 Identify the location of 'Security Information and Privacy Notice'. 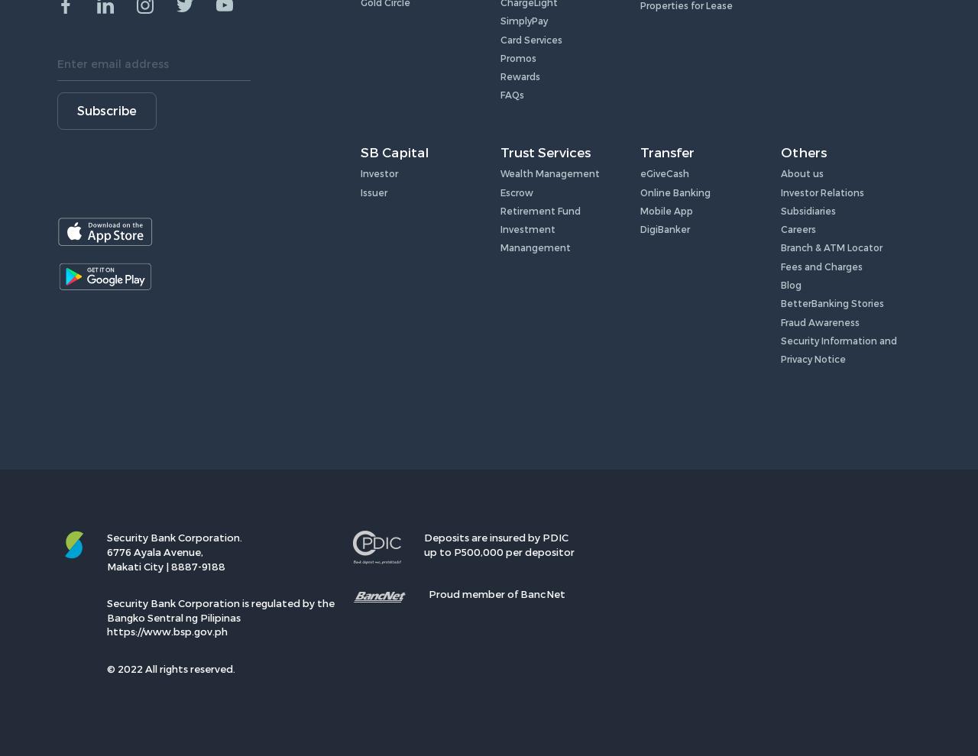
(837, 349).